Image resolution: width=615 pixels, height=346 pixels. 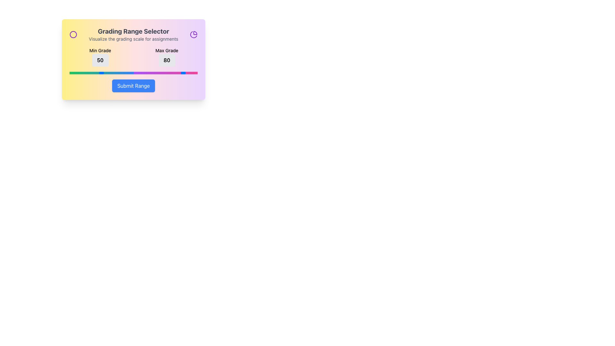 I want to click on the circular SVG graphic with a purple border located at the top left corner of the yellow-gradient card, so click(x=73, y=35).